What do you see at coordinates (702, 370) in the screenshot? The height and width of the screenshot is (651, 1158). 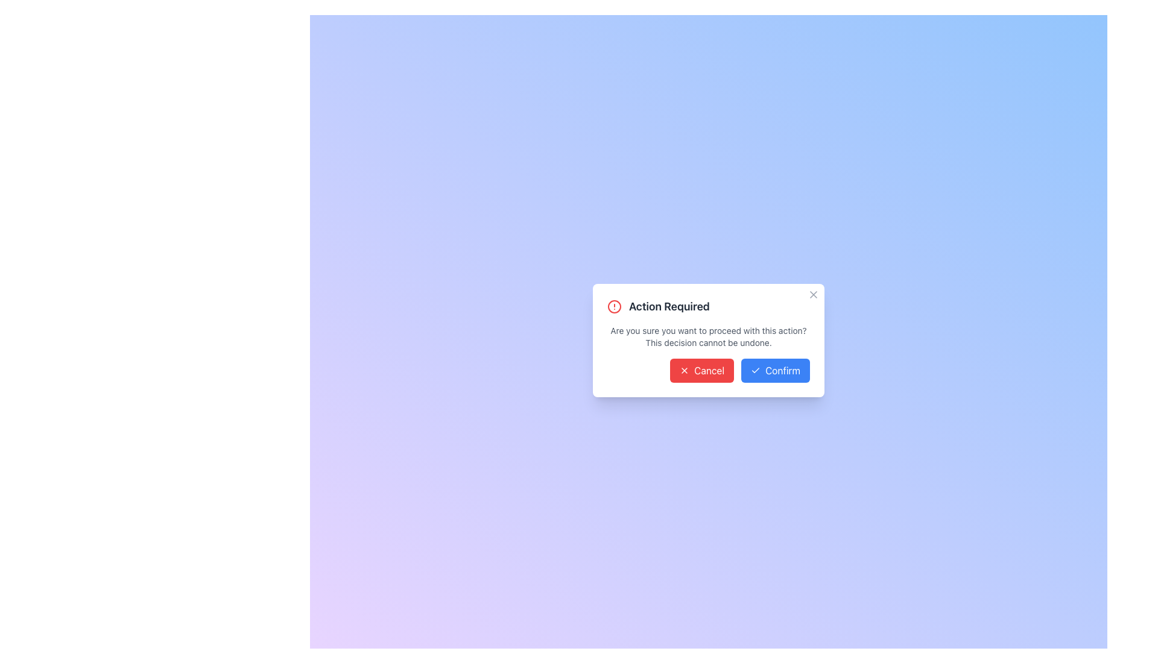 I see `the red 'Cancel' button with rounded corners, which has a white text label and a small 'X' icon on its left` at bounding box center [702, 370].